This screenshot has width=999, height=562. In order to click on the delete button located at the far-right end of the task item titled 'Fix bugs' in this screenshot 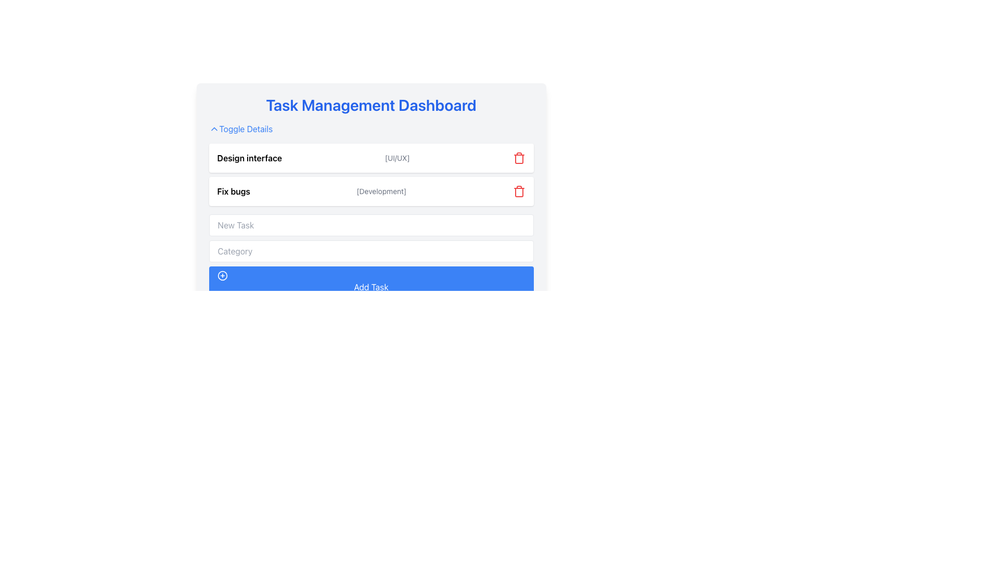, I will do `click(519, 191)`.